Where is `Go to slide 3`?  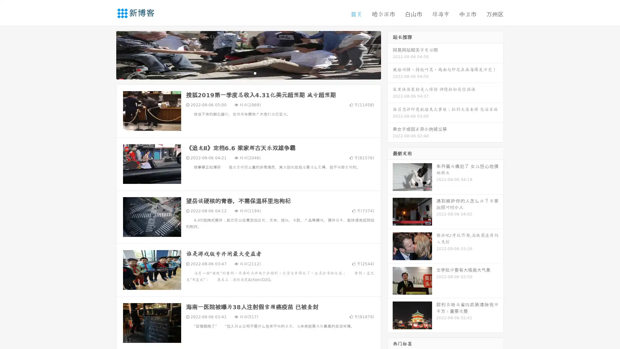
Go to slide 3 is located at coordinates (255, 73).